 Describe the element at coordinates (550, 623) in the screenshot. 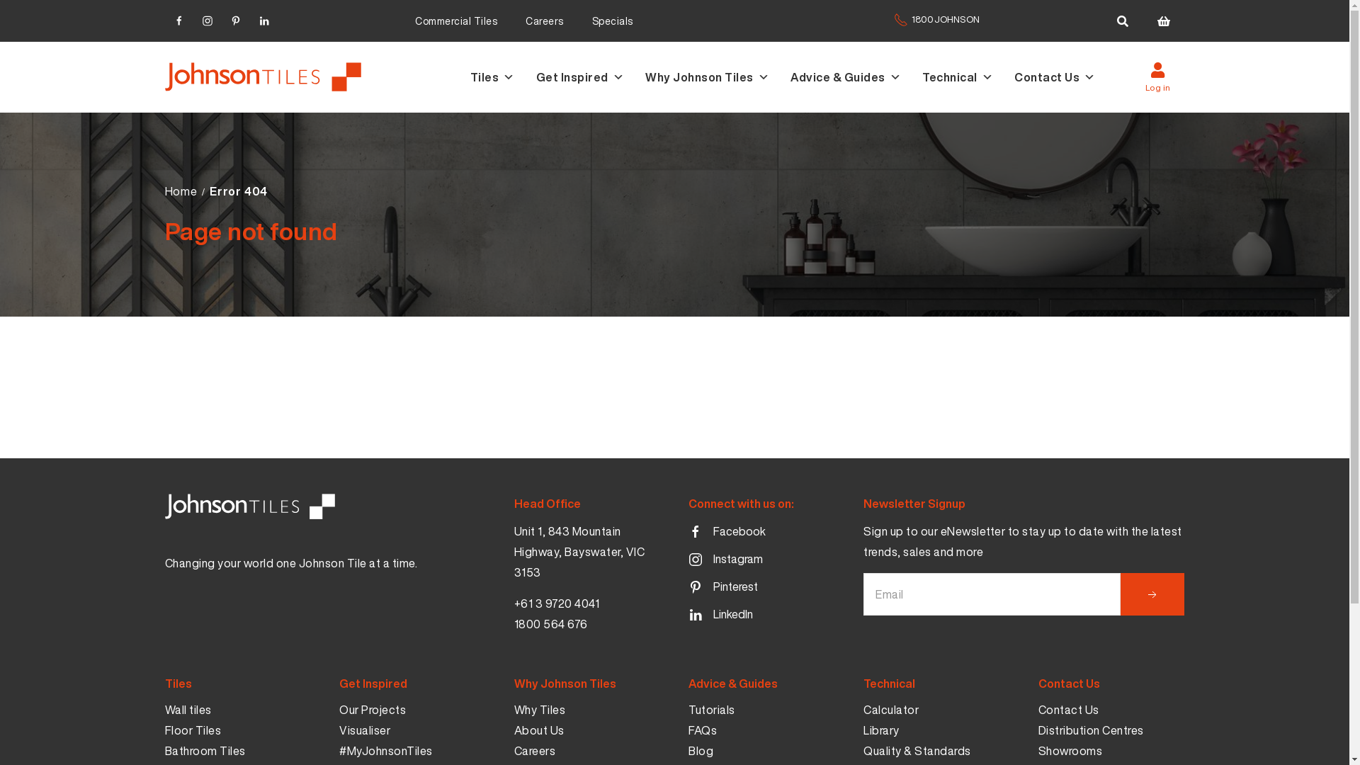

I see `'1800 564 676'` at that location.